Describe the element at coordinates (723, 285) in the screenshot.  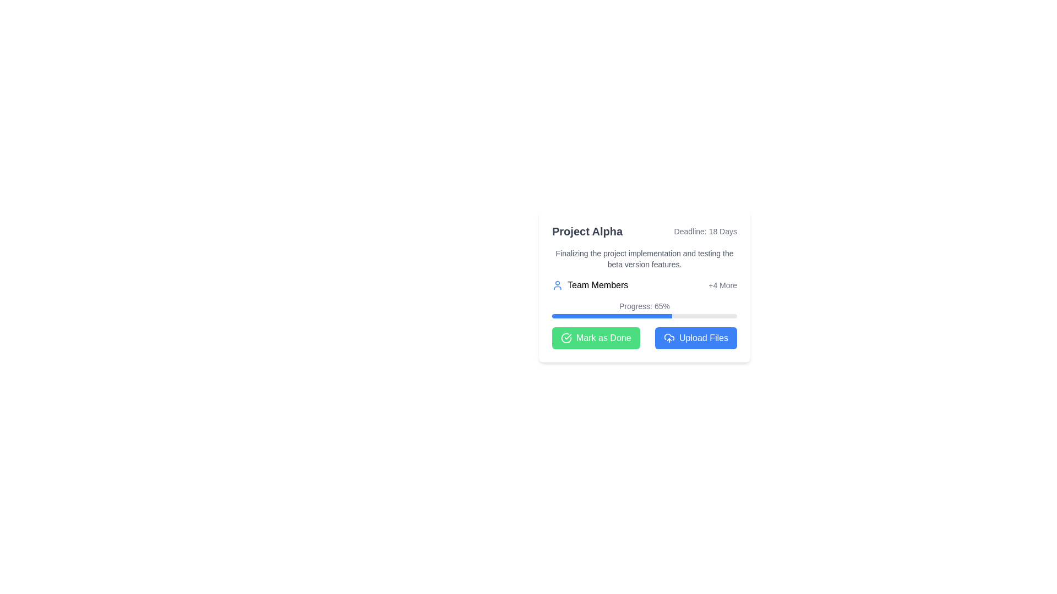
I see `the Text Label in the 'Team Members' section that indicates additional team members exist beyond those displayed, located to the right side near the team members icon and text` at that location.